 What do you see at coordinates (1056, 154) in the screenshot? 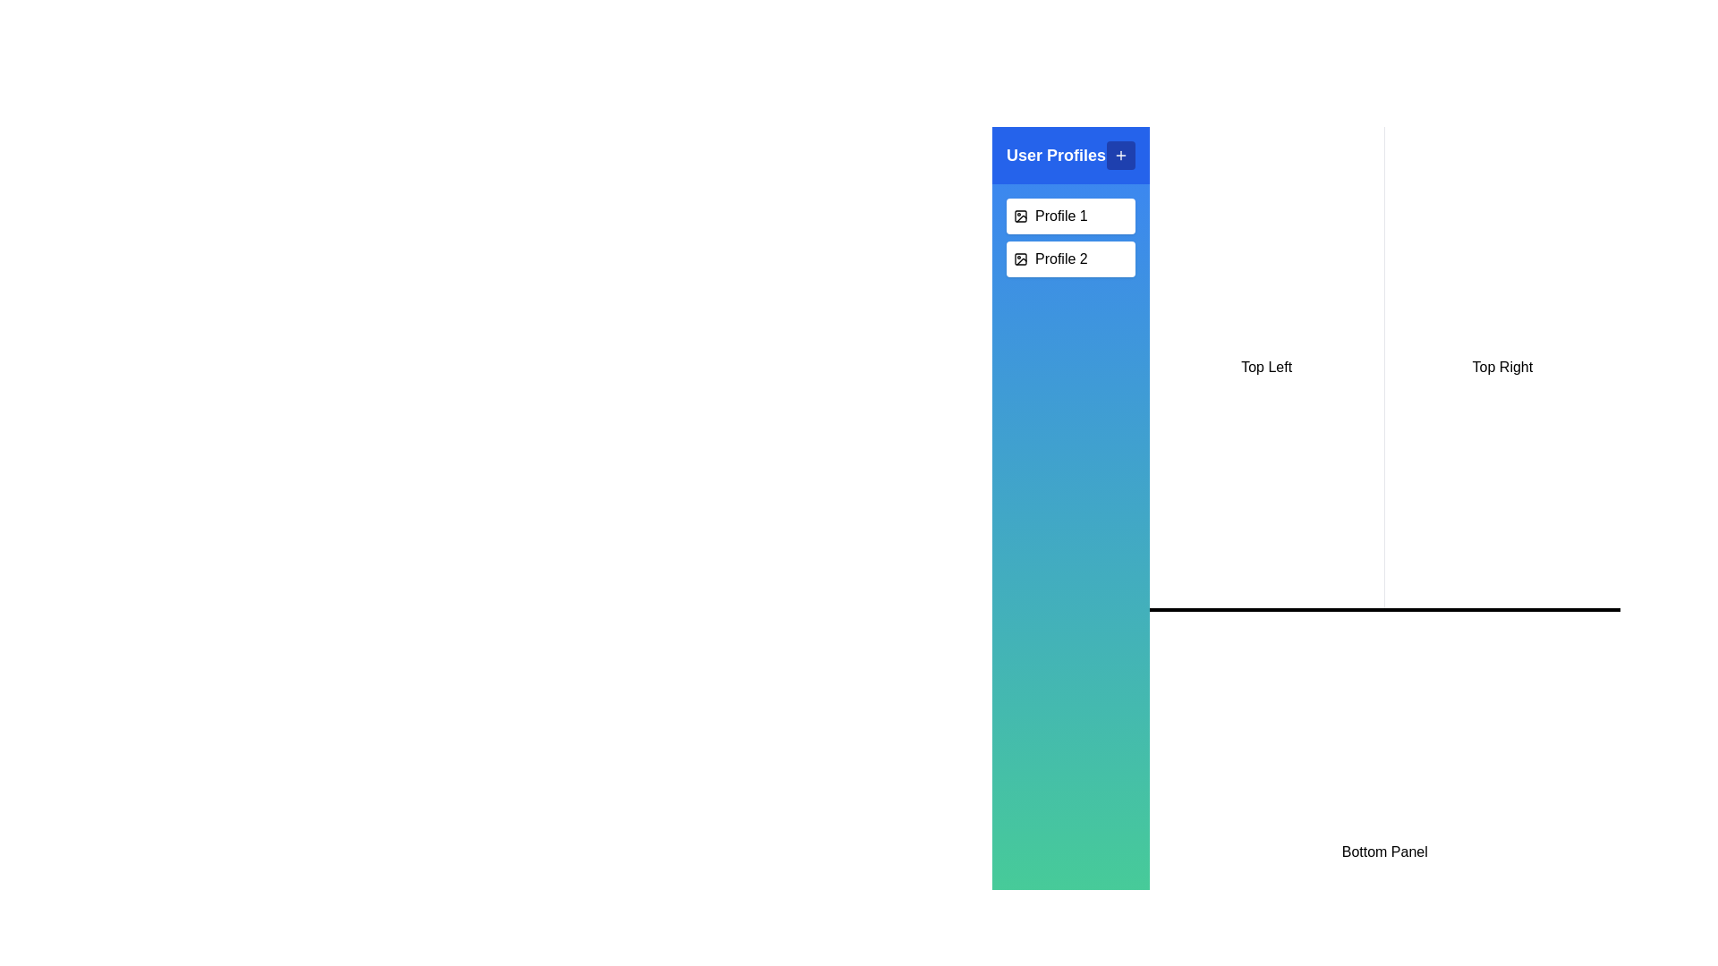
I see `the user profile section label, which serves as a title or heading adjacent to the plus symbol icon` at bounding box center [1056, 154].